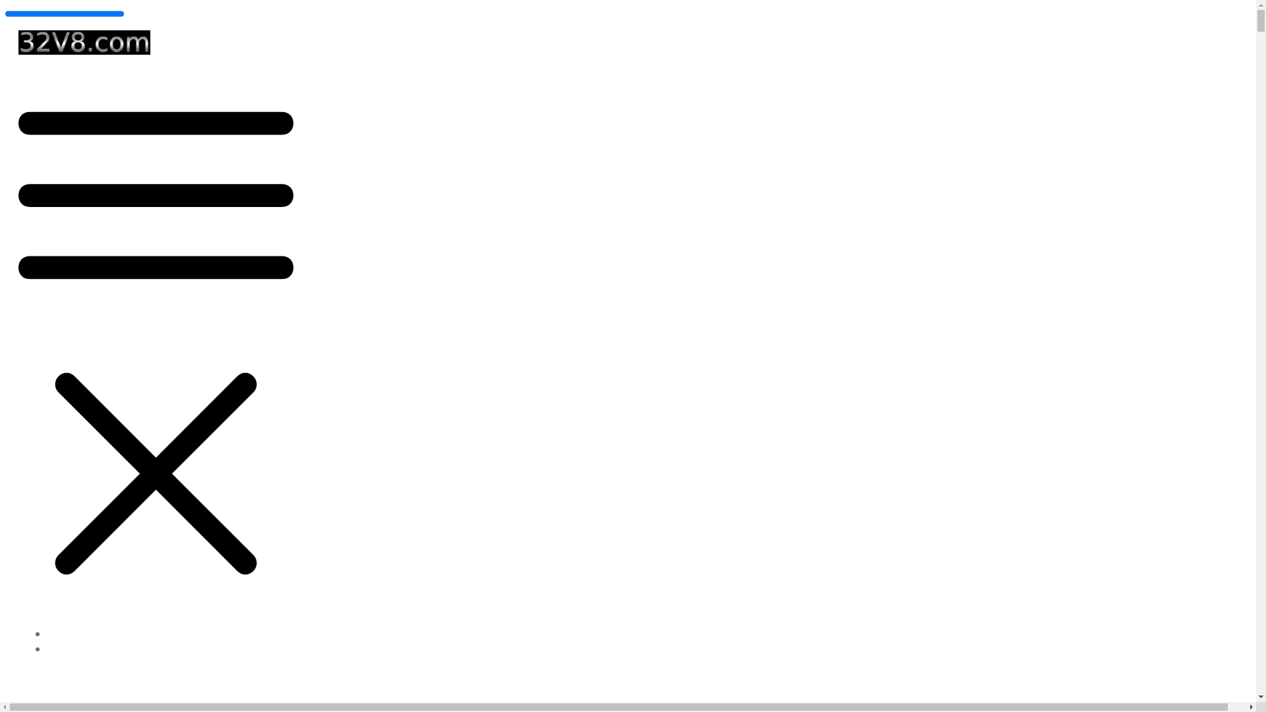 This screenshot has width=1266, height=712. I want to click on '32V8 Website Tuneup Tool', so click(104, 634).